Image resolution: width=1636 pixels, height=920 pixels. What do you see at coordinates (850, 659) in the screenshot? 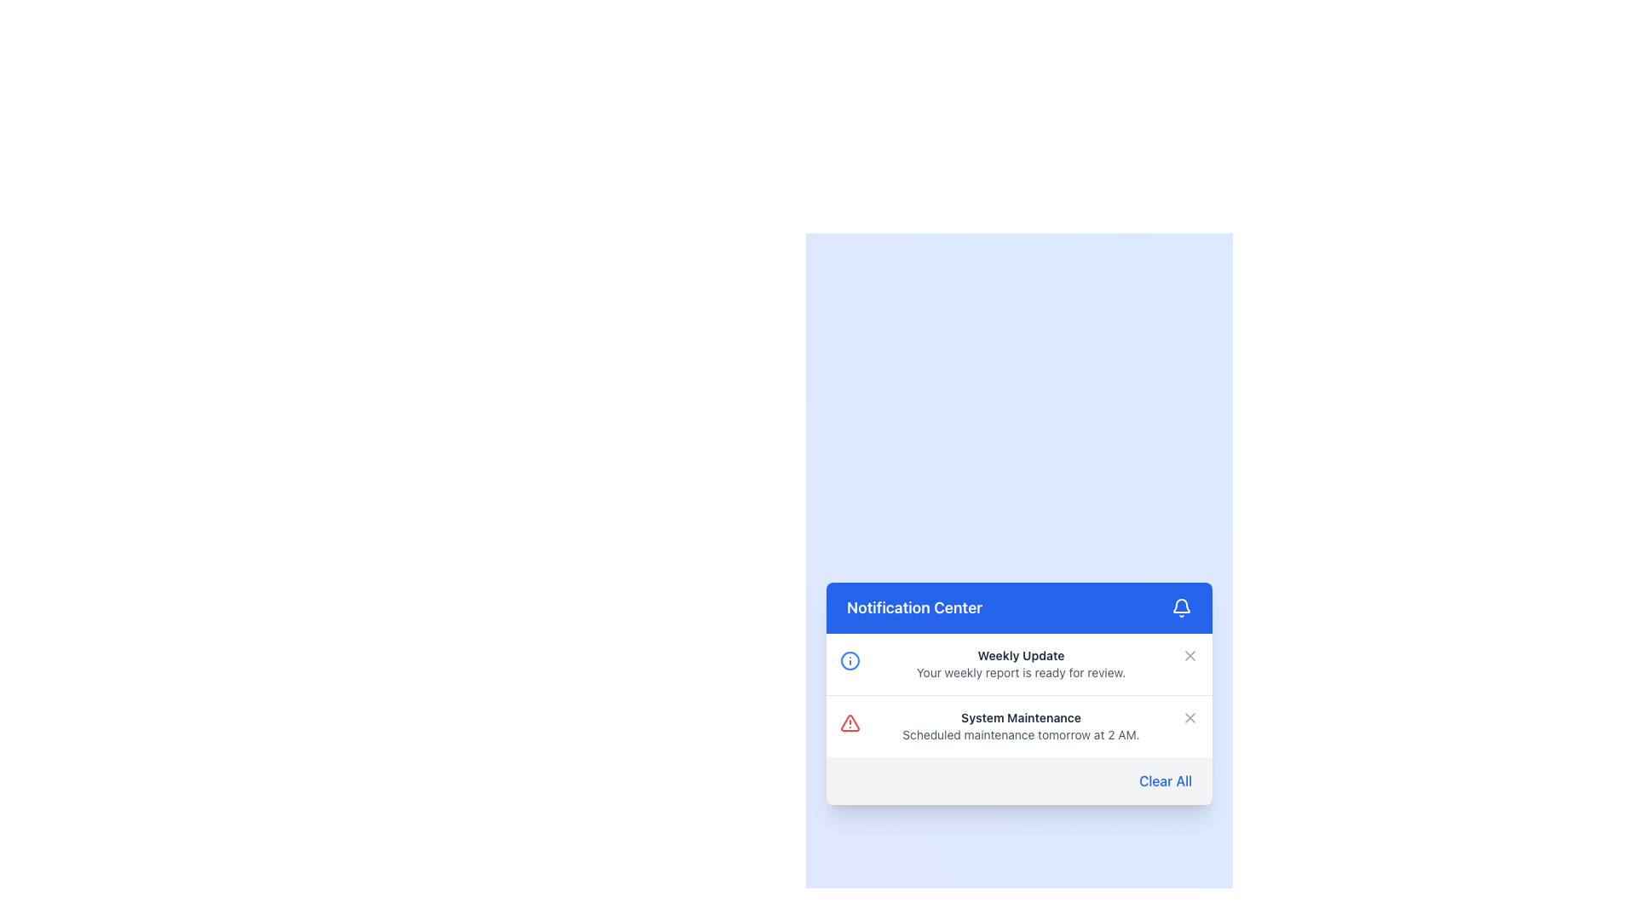
I see `the circular graphical indicator that represents an information icon within the Notification Center interface` at bounding box center [850, 659].